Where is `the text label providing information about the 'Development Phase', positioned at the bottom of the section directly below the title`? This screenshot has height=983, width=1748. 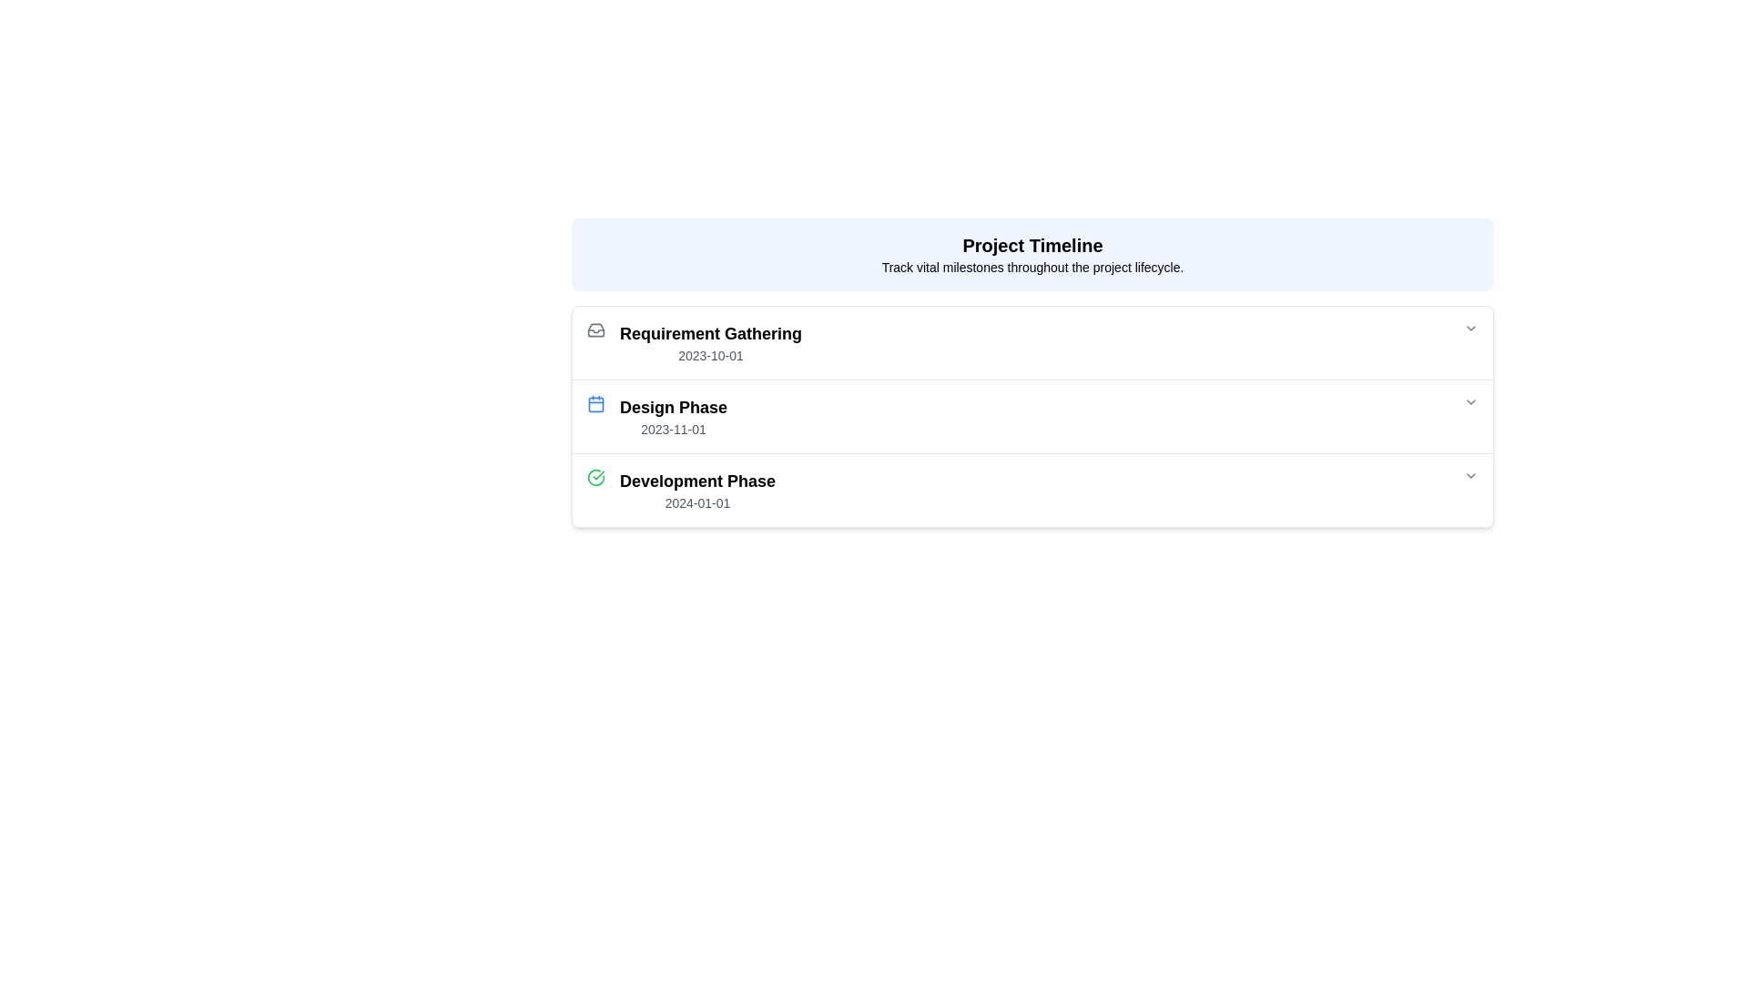 the text label providing information about the 'Development Phase', positioned at the bottom of the section directly below the title is located at coordinates (696, 502).